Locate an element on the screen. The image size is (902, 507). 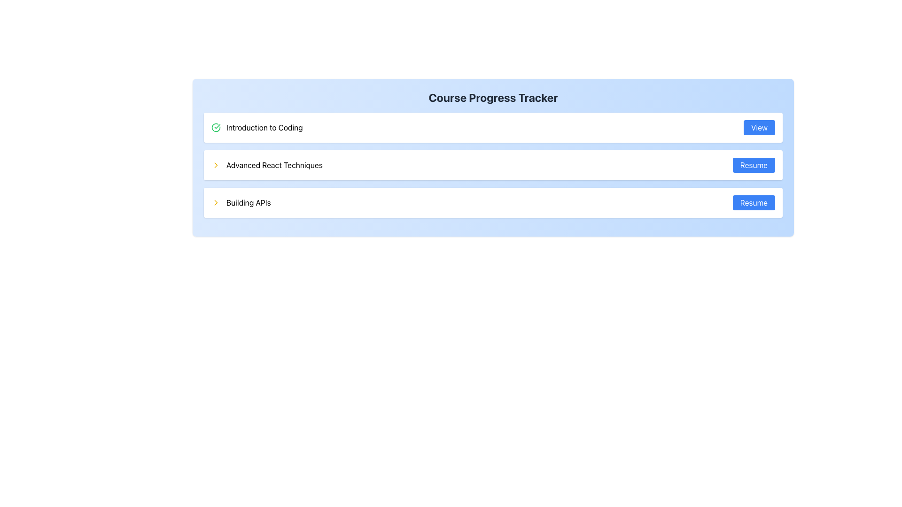
the arrow icon located in the 'Building APIs' section, which indicates additional content or actions are available is located at coordinates (216, 202).